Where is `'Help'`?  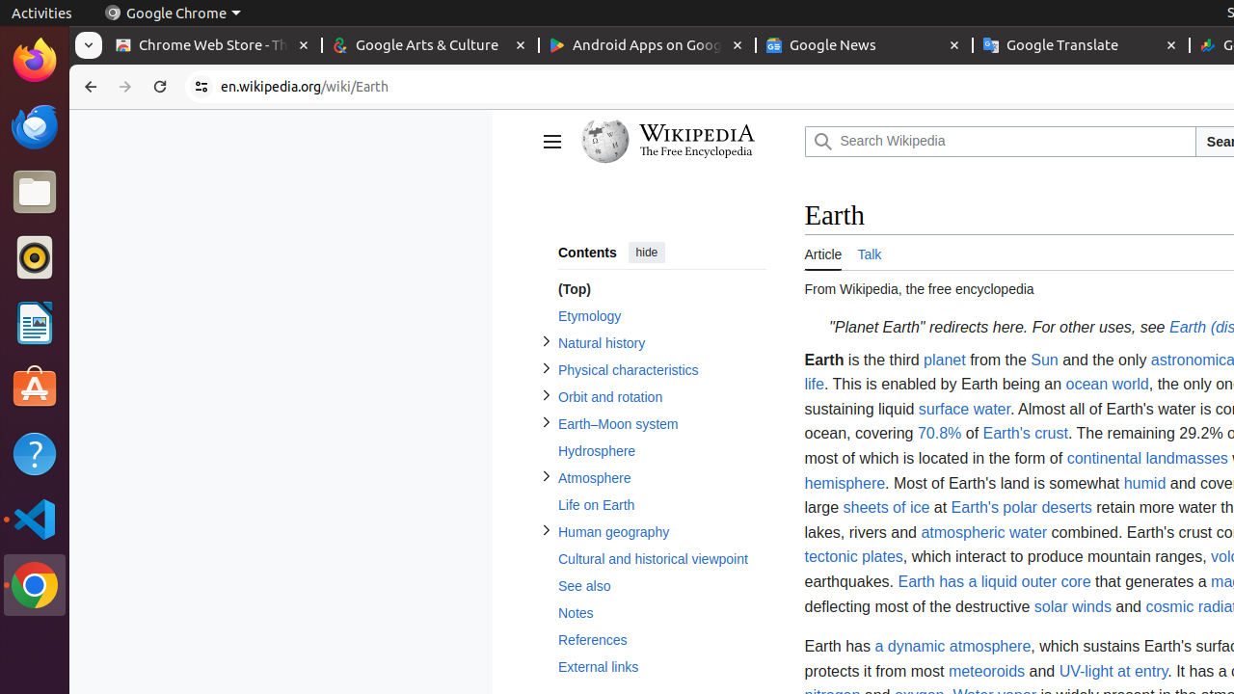 'Help' is located at coordinates (34, 454).